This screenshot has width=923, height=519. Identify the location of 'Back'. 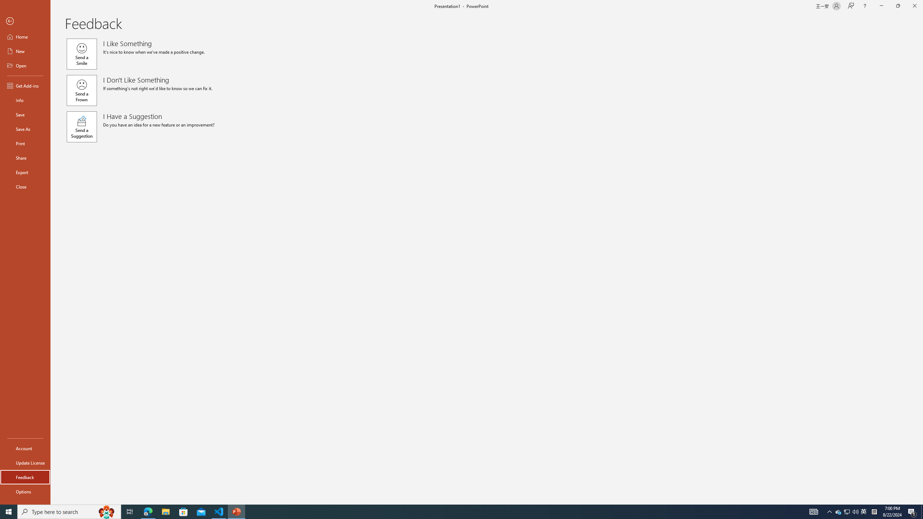
(25, 21).